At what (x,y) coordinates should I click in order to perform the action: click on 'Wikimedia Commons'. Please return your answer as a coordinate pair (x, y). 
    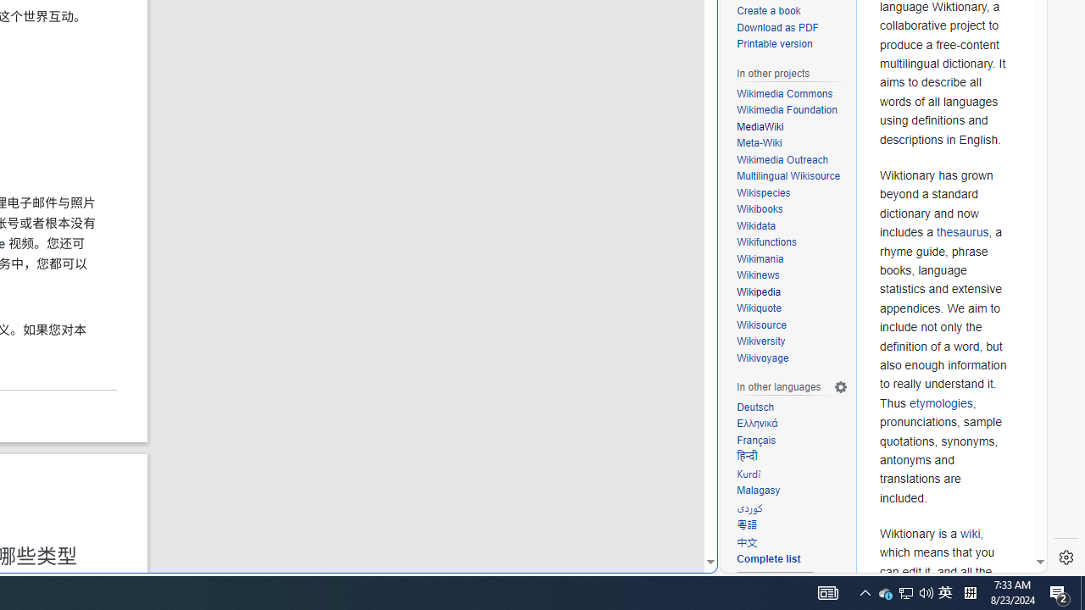
    Looking at the image, I should click on (792, 94).